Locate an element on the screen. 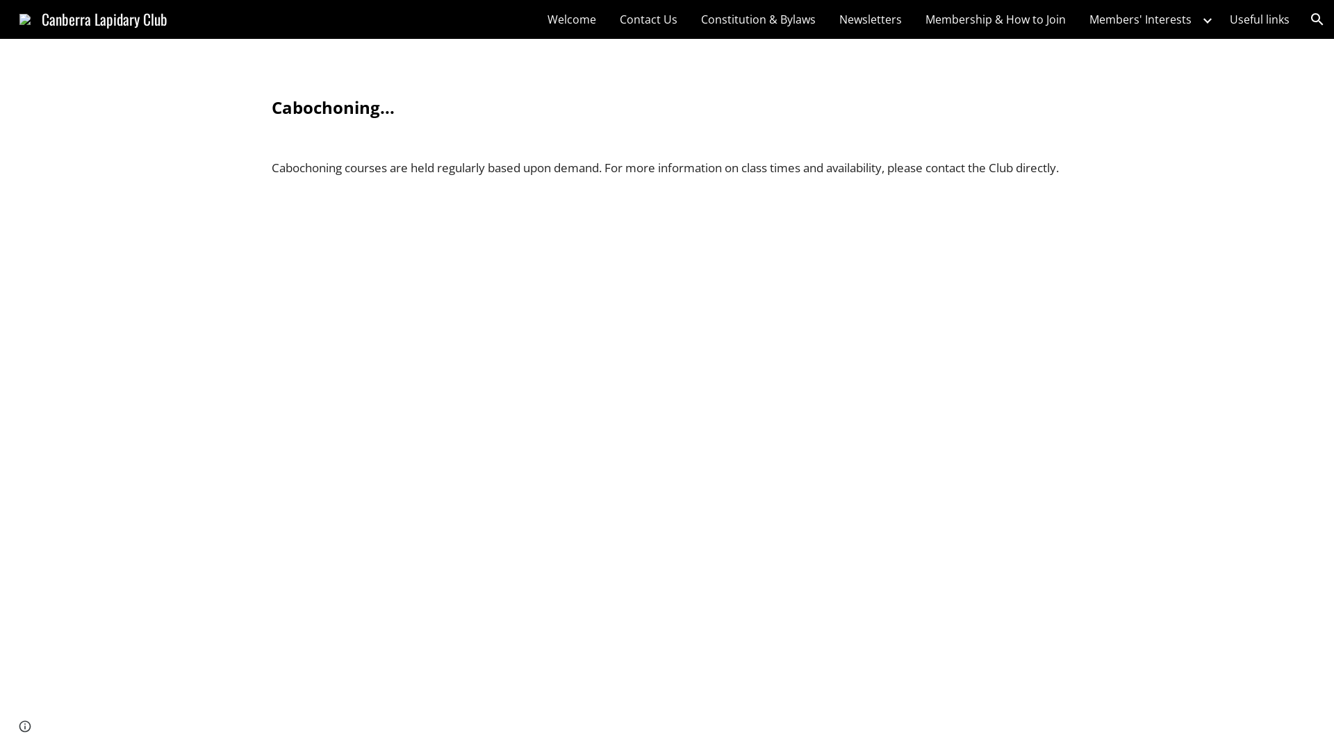 The width and height of the screenshot is (1334, 750). 'Contact Us' is located at coordinates (648, 19).